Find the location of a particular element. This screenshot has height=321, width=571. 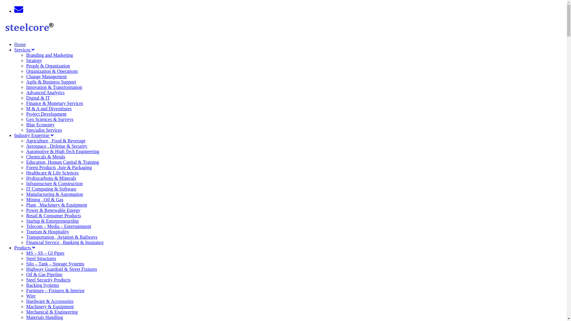

'Services' is located at coordinates (24, 49).